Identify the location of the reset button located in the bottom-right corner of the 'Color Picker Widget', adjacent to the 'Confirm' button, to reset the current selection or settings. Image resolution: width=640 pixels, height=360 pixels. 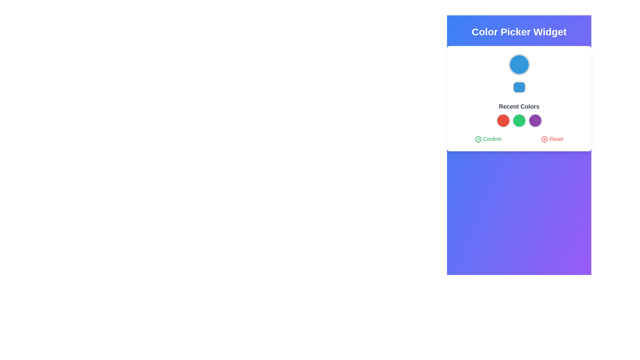
(552, 139).